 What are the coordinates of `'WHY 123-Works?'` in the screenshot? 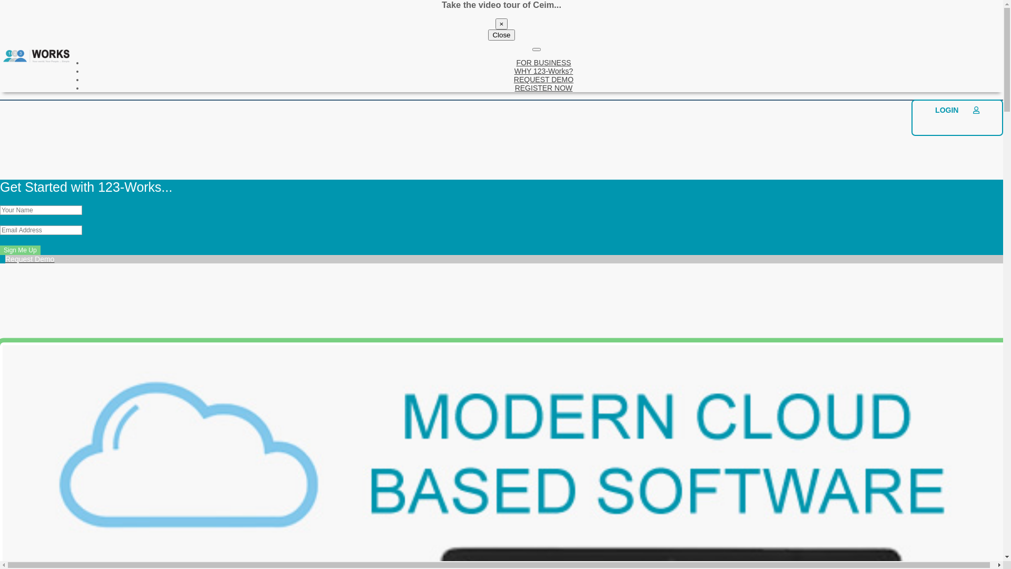 It's located at (543, 71).